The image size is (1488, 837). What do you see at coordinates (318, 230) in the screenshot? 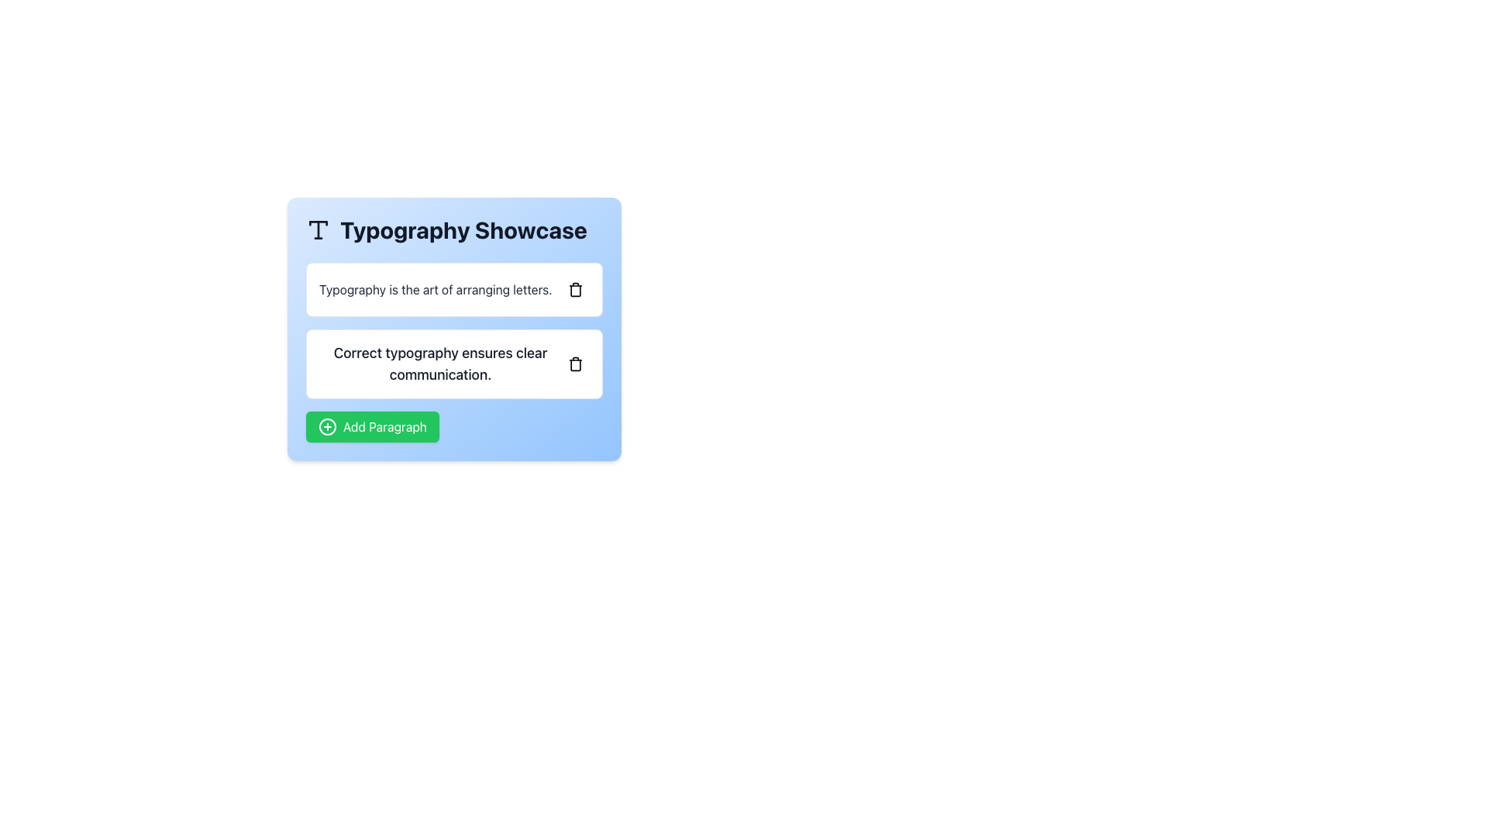
I see `the icon depicting a capital letter 'T' with a black outline, located to the left of the 'Typography Showcase' heading` at bounding box center [318, 230].